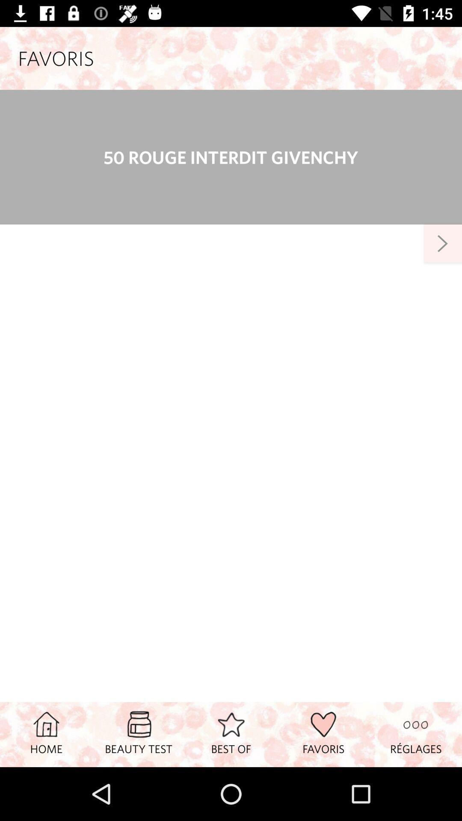  I want to click on item next to the favoris item, so click(231, 734).